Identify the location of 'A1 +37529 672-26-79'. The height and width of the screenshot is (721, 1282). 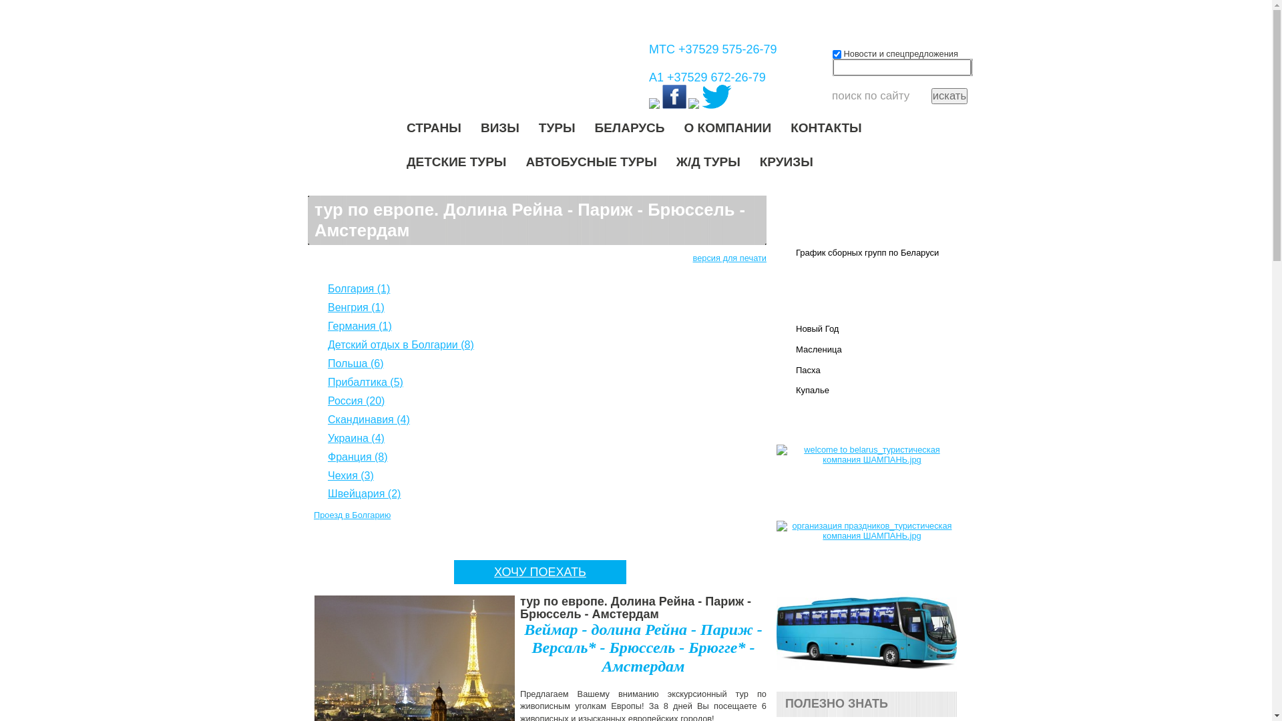
(706, 77).